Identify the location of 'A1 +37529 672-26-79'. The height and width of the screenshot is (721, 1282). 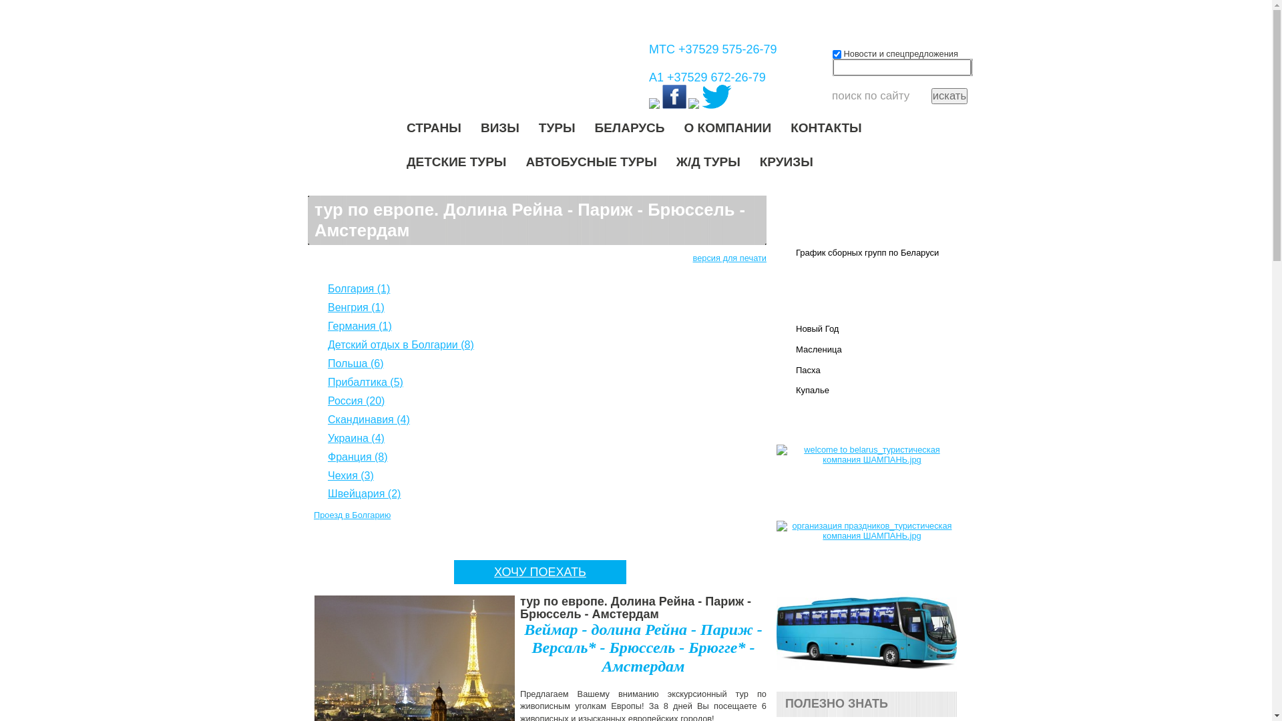
(706, 77).